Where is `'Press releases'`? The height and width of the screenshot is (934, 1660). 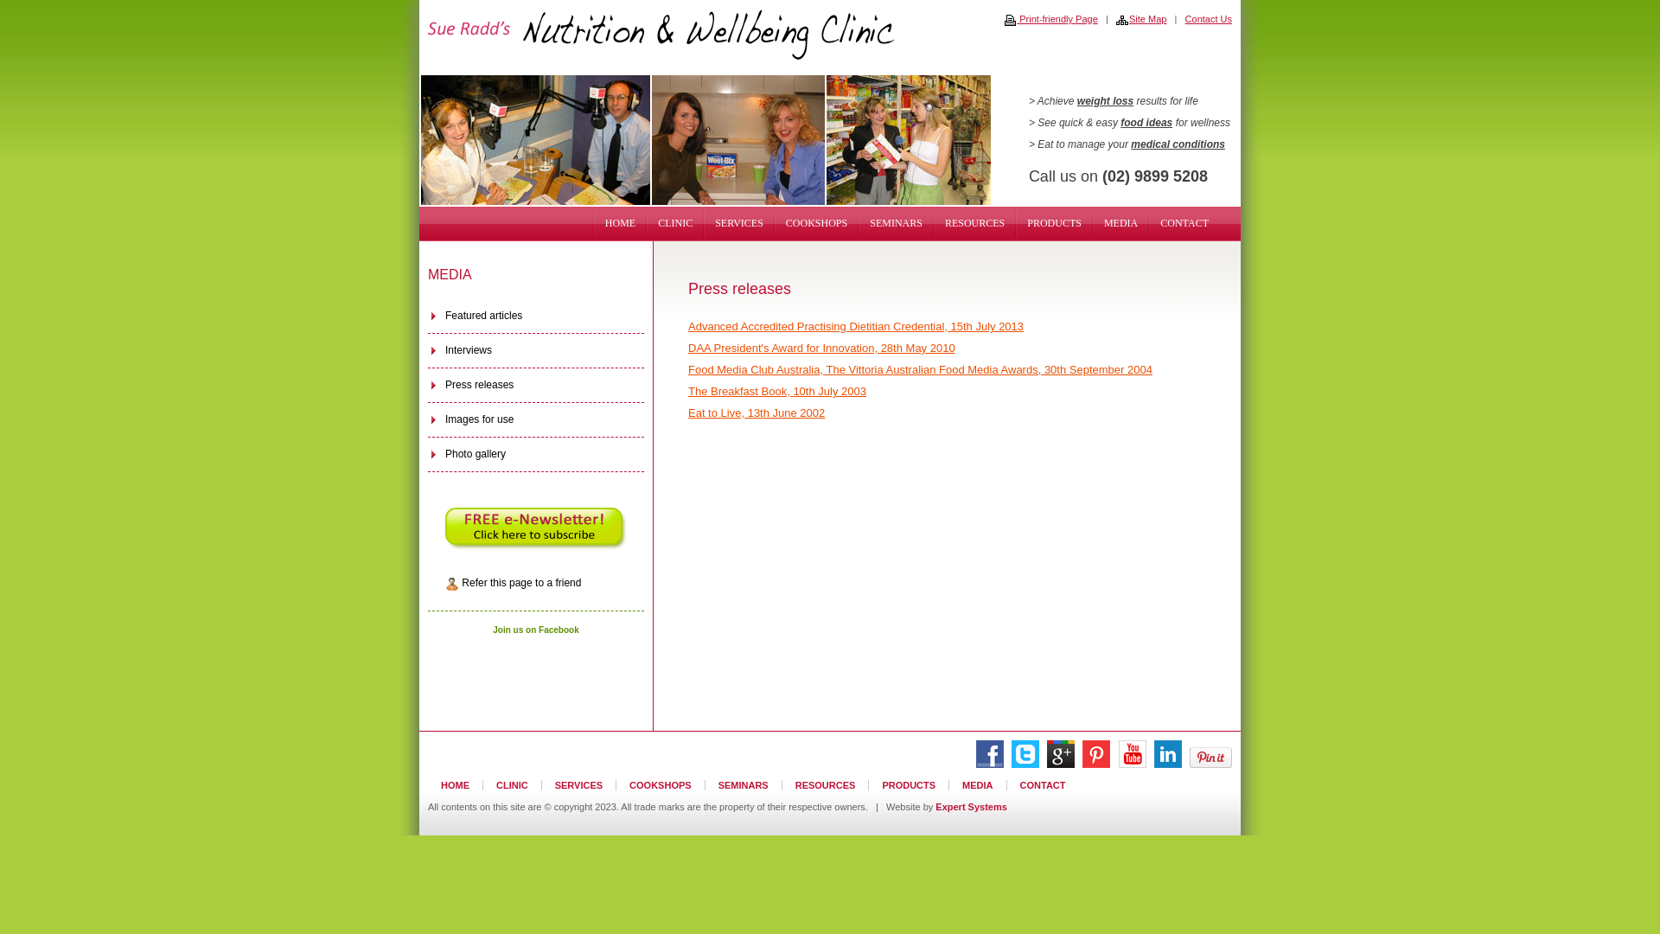 'Press releases' is located at coordinates (534, 385).